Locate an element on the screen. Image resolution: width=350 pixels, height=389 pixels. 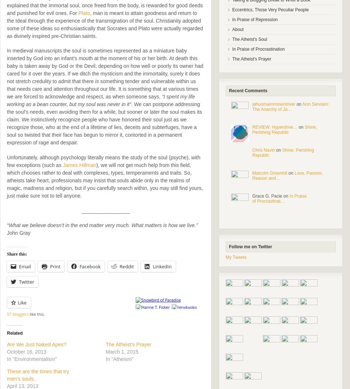
'Share this:' is located at coordinates (16, 254).